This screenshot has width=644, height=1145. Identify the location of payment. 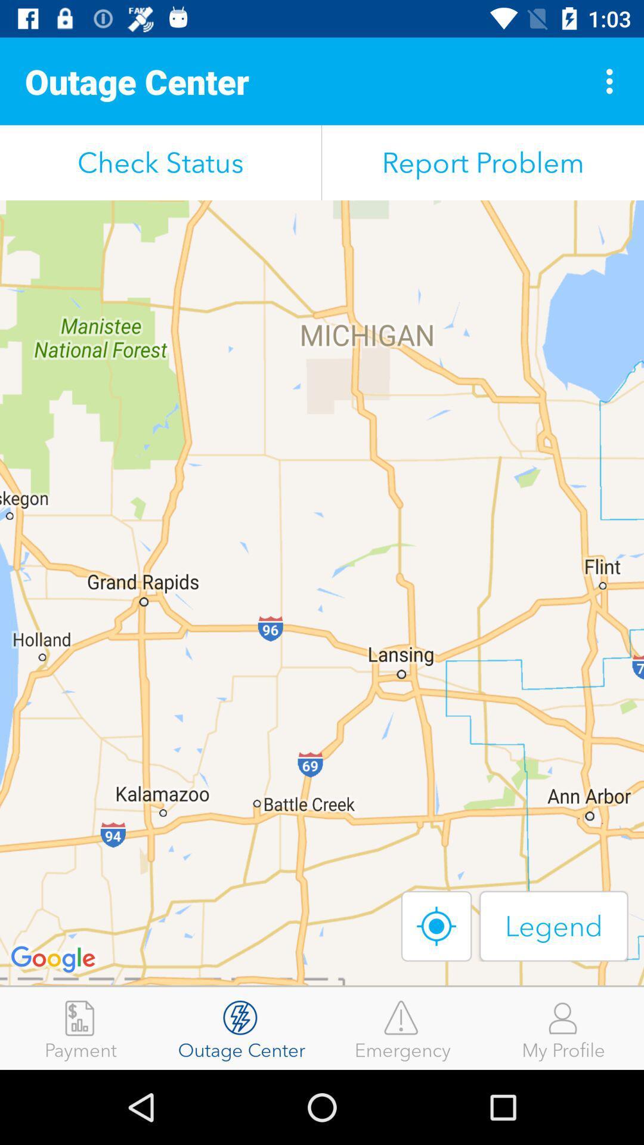
(80, 1028).